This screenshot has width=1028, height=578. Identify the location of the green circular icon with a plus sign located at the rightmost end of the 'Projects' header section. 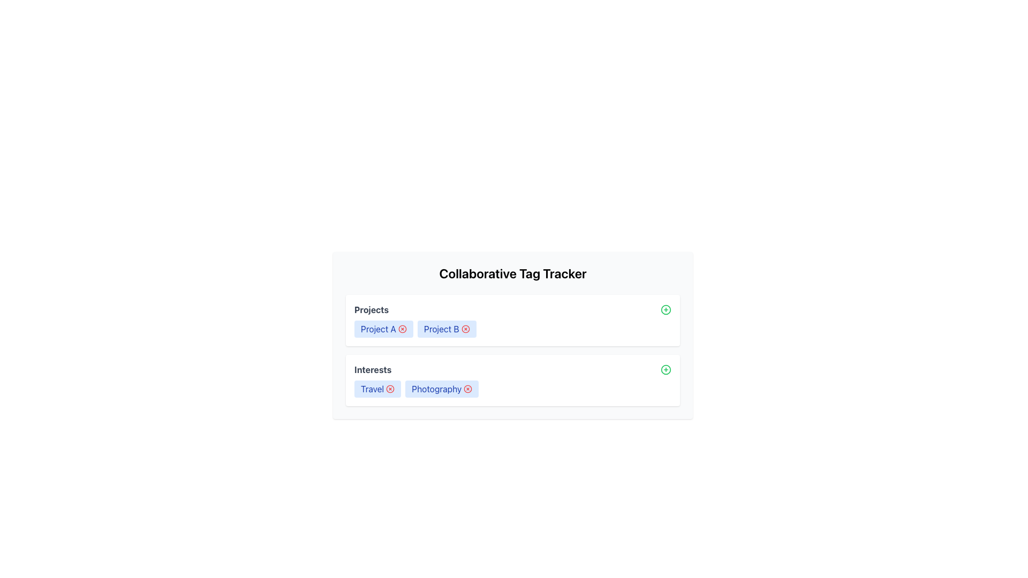
(665, 309).